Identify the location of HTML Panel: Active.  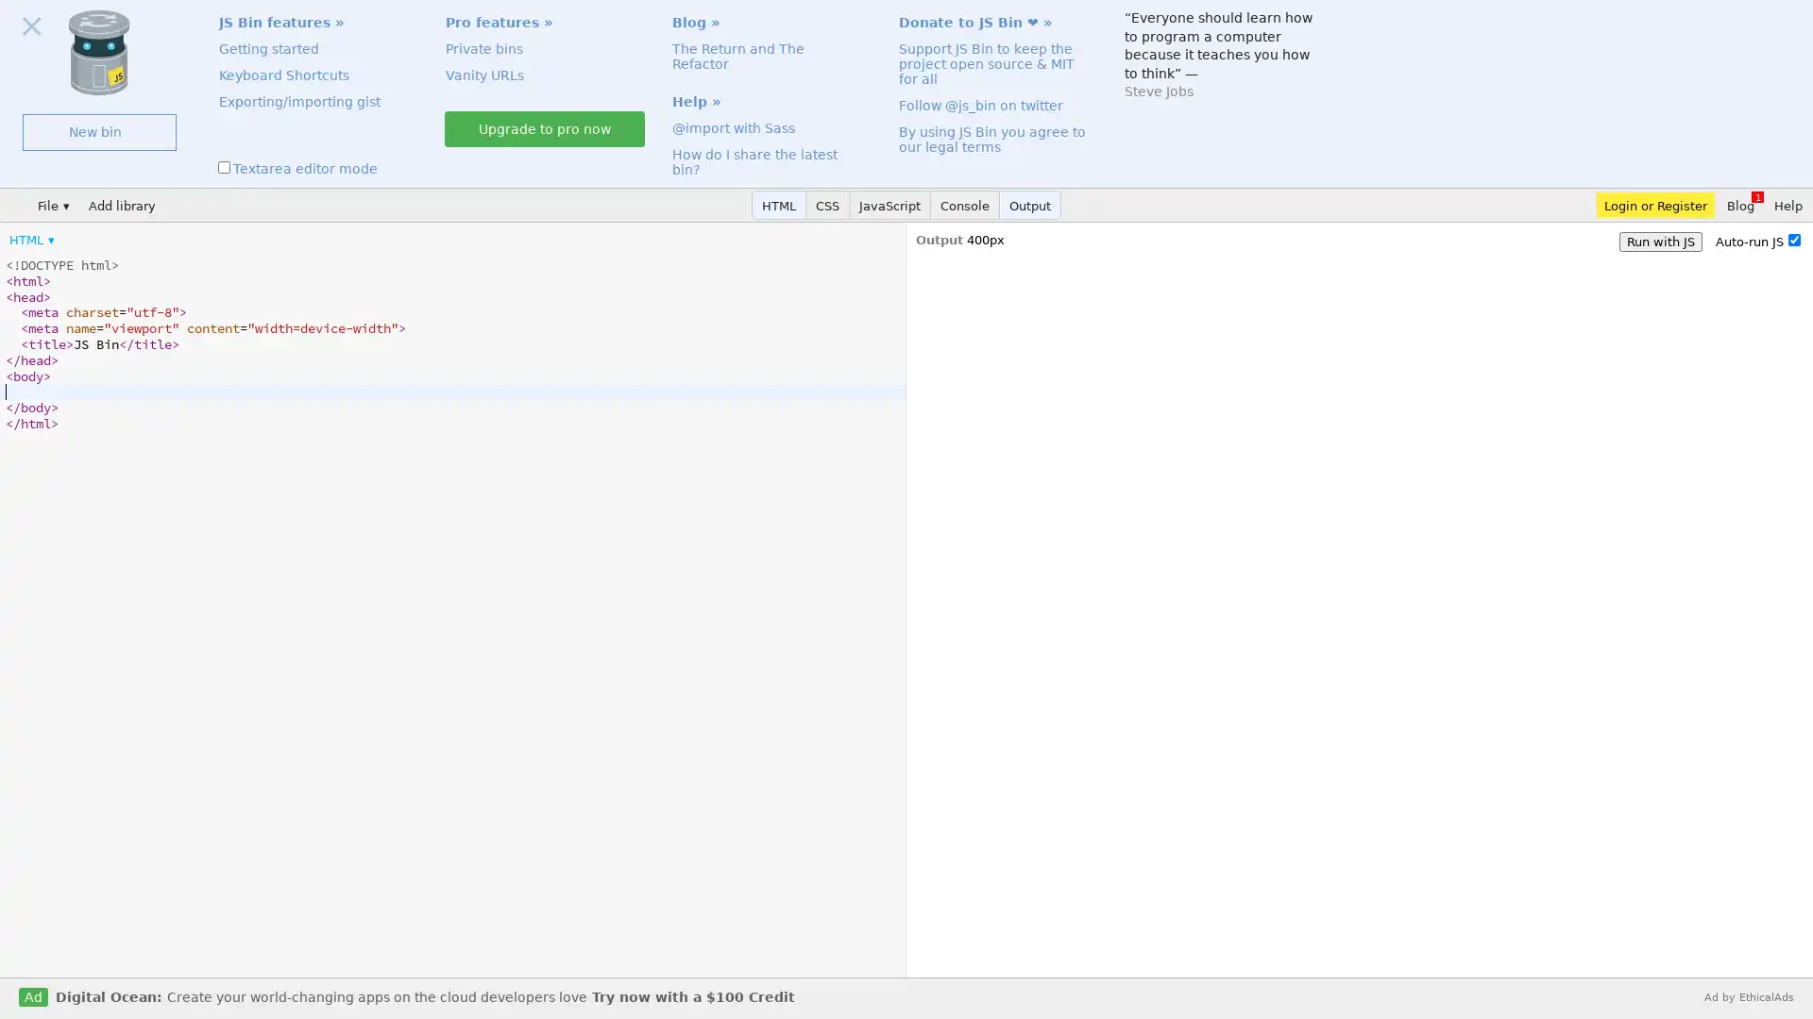
(779, 205).